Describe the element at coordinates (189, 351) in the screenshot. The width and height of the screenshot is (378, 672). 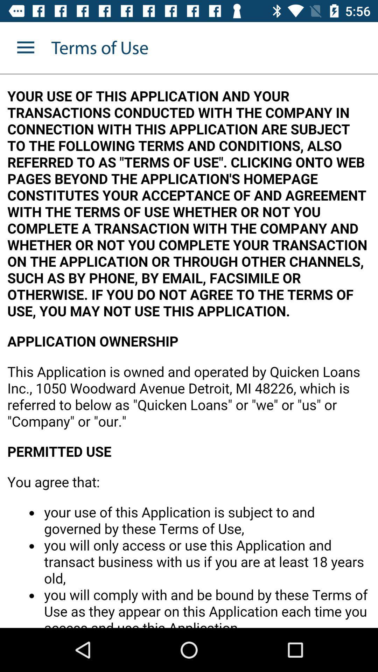
I see `article area` at that location.